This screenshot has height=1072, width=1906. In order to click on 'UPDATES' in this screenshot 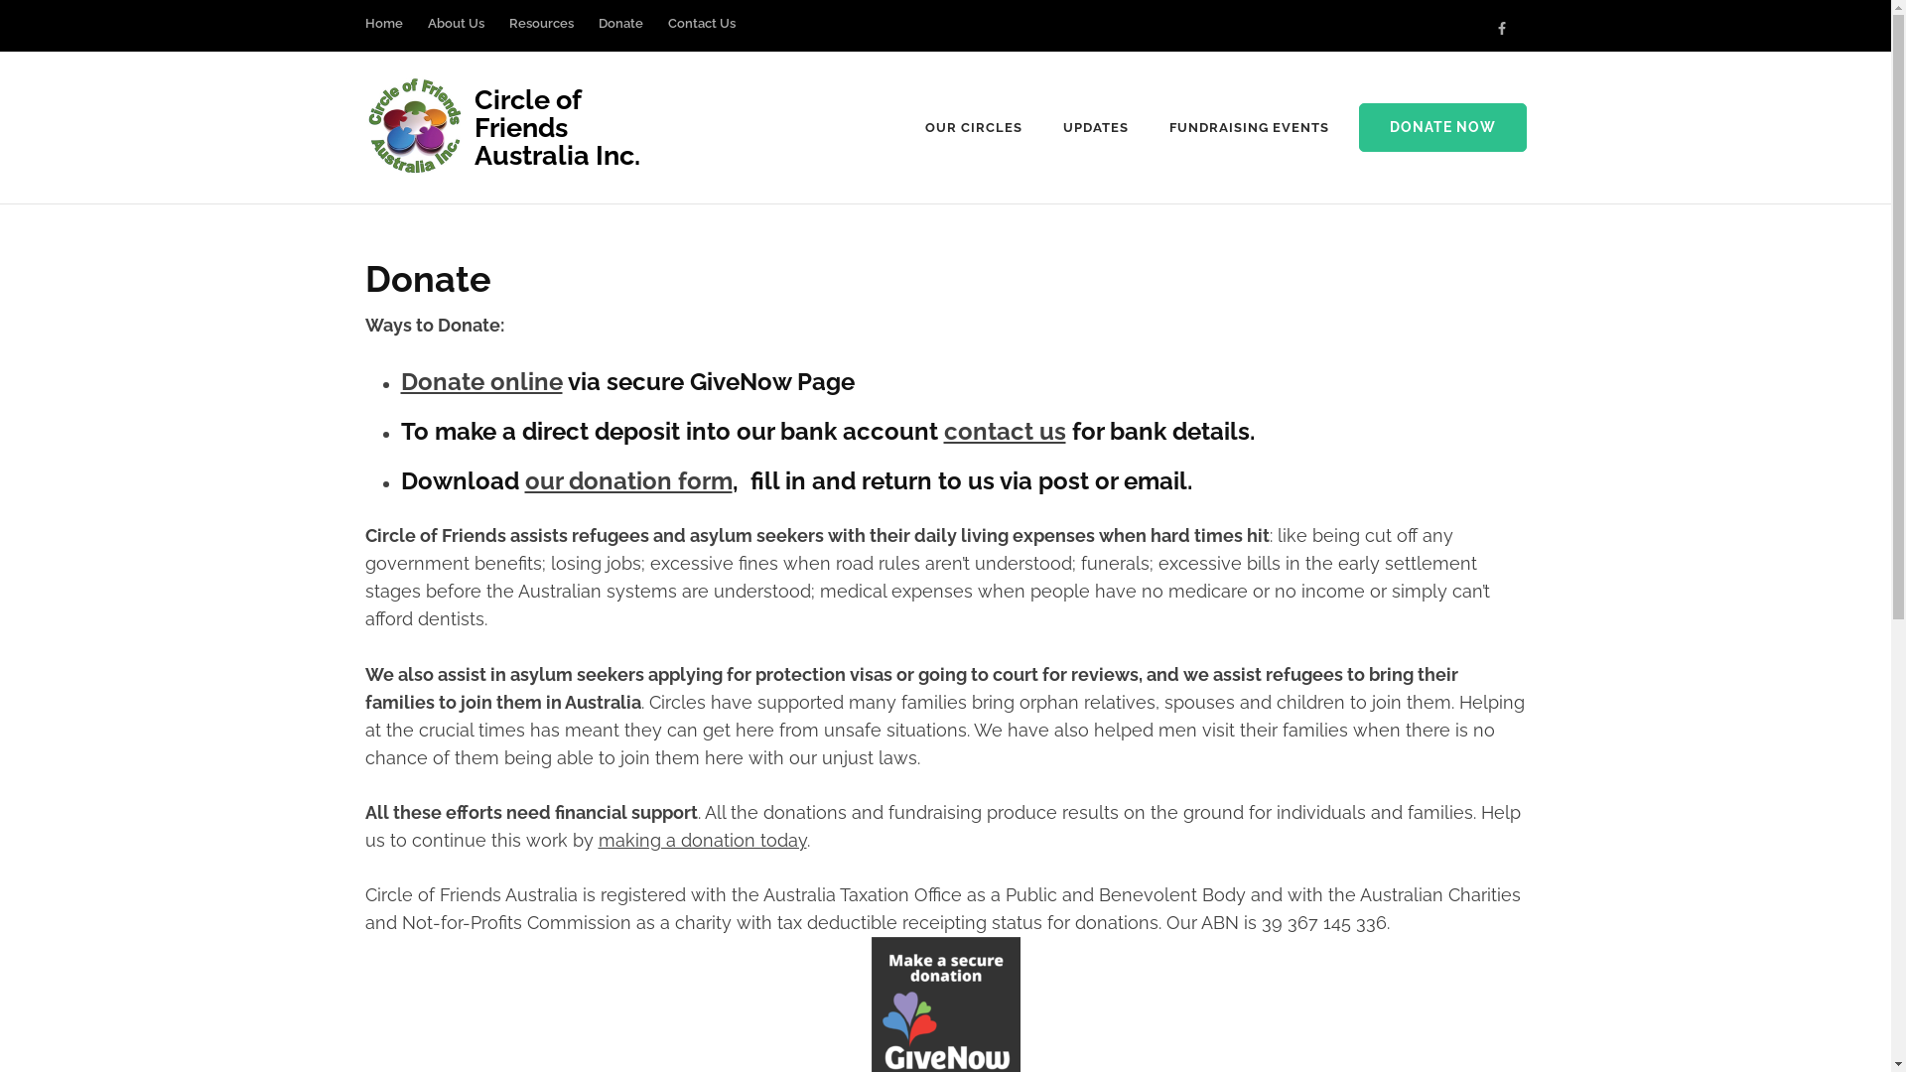, I will do `click(1095, 127)`.